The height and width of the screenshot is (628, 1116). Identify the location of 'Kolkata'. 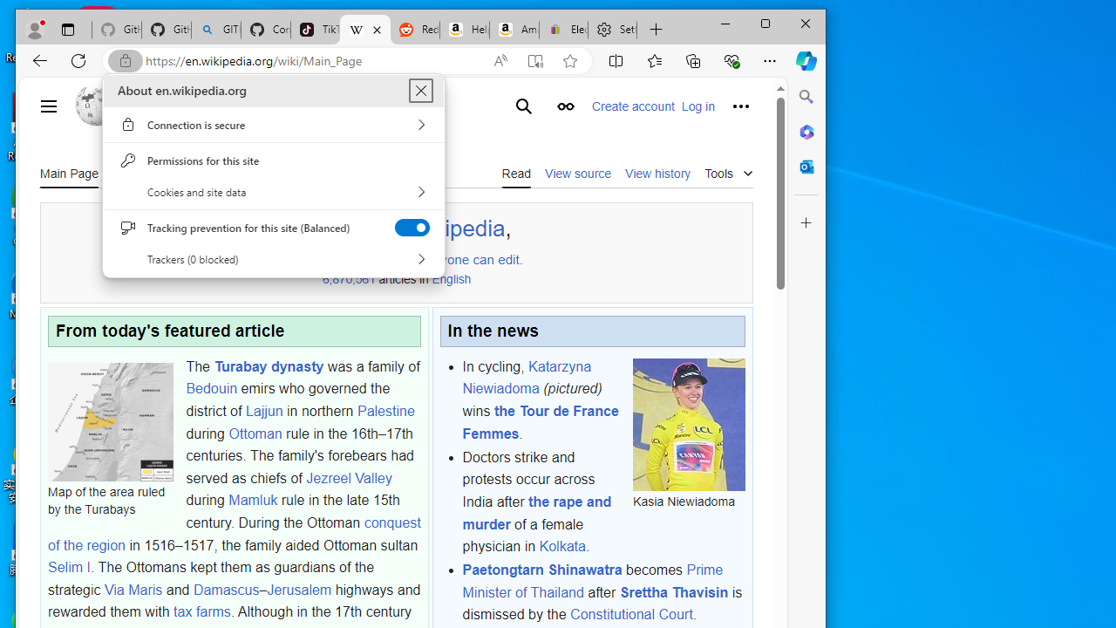
(562, 545).